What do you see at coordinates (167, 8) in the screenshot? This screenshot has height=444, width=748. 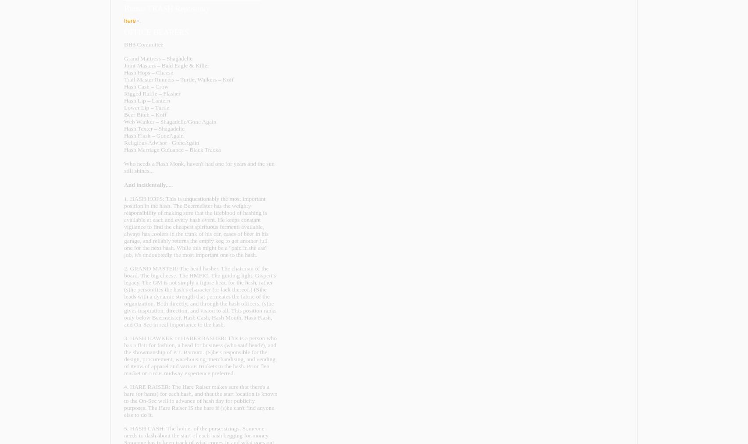 I see `'Burnie TRASH Repository'` at bounding box center [167, 8].